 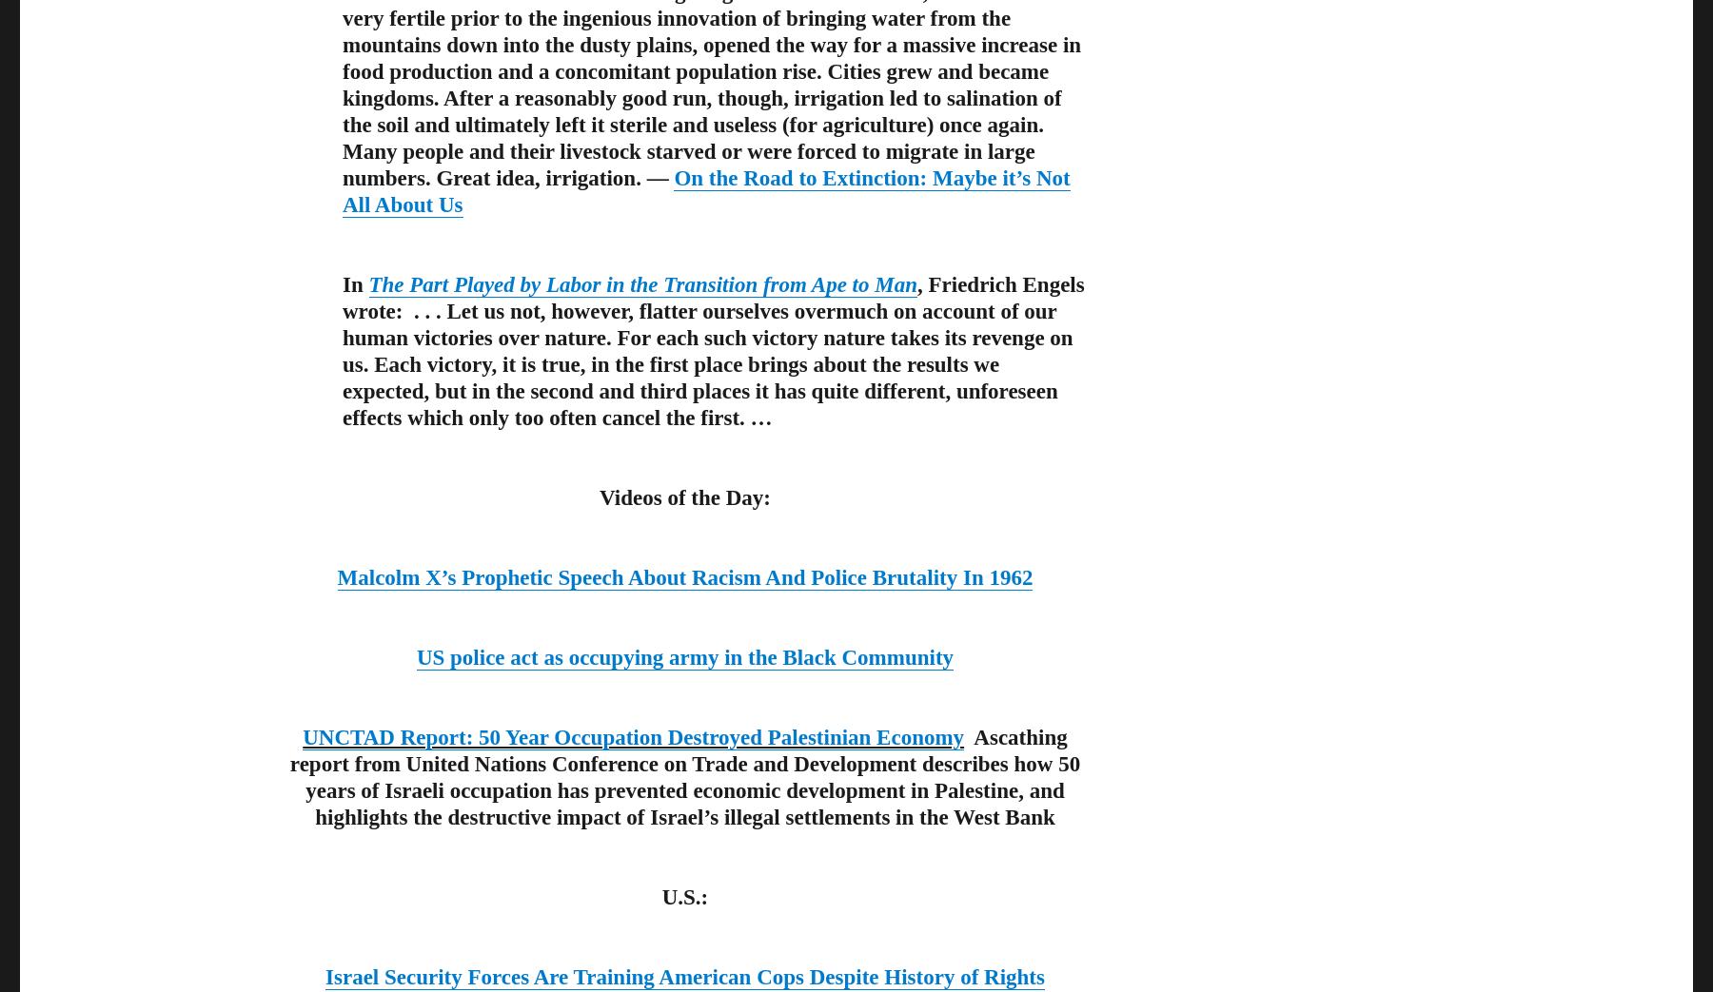 What do you see at coordinates (337, 576) in the screenshot?
I see `'Malcolm X’s Prophetic Speech About Racism And Police Brutality In 1962'` at bounding box center [337, 576].